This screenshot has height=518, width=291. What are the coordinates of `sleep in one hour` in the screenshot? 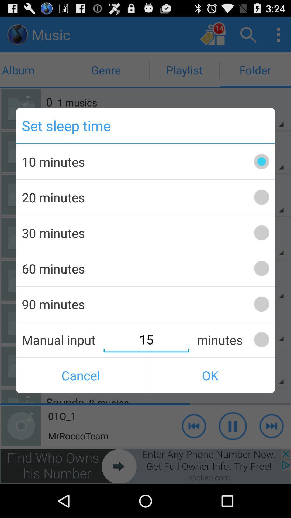 It's located at (261, 268).